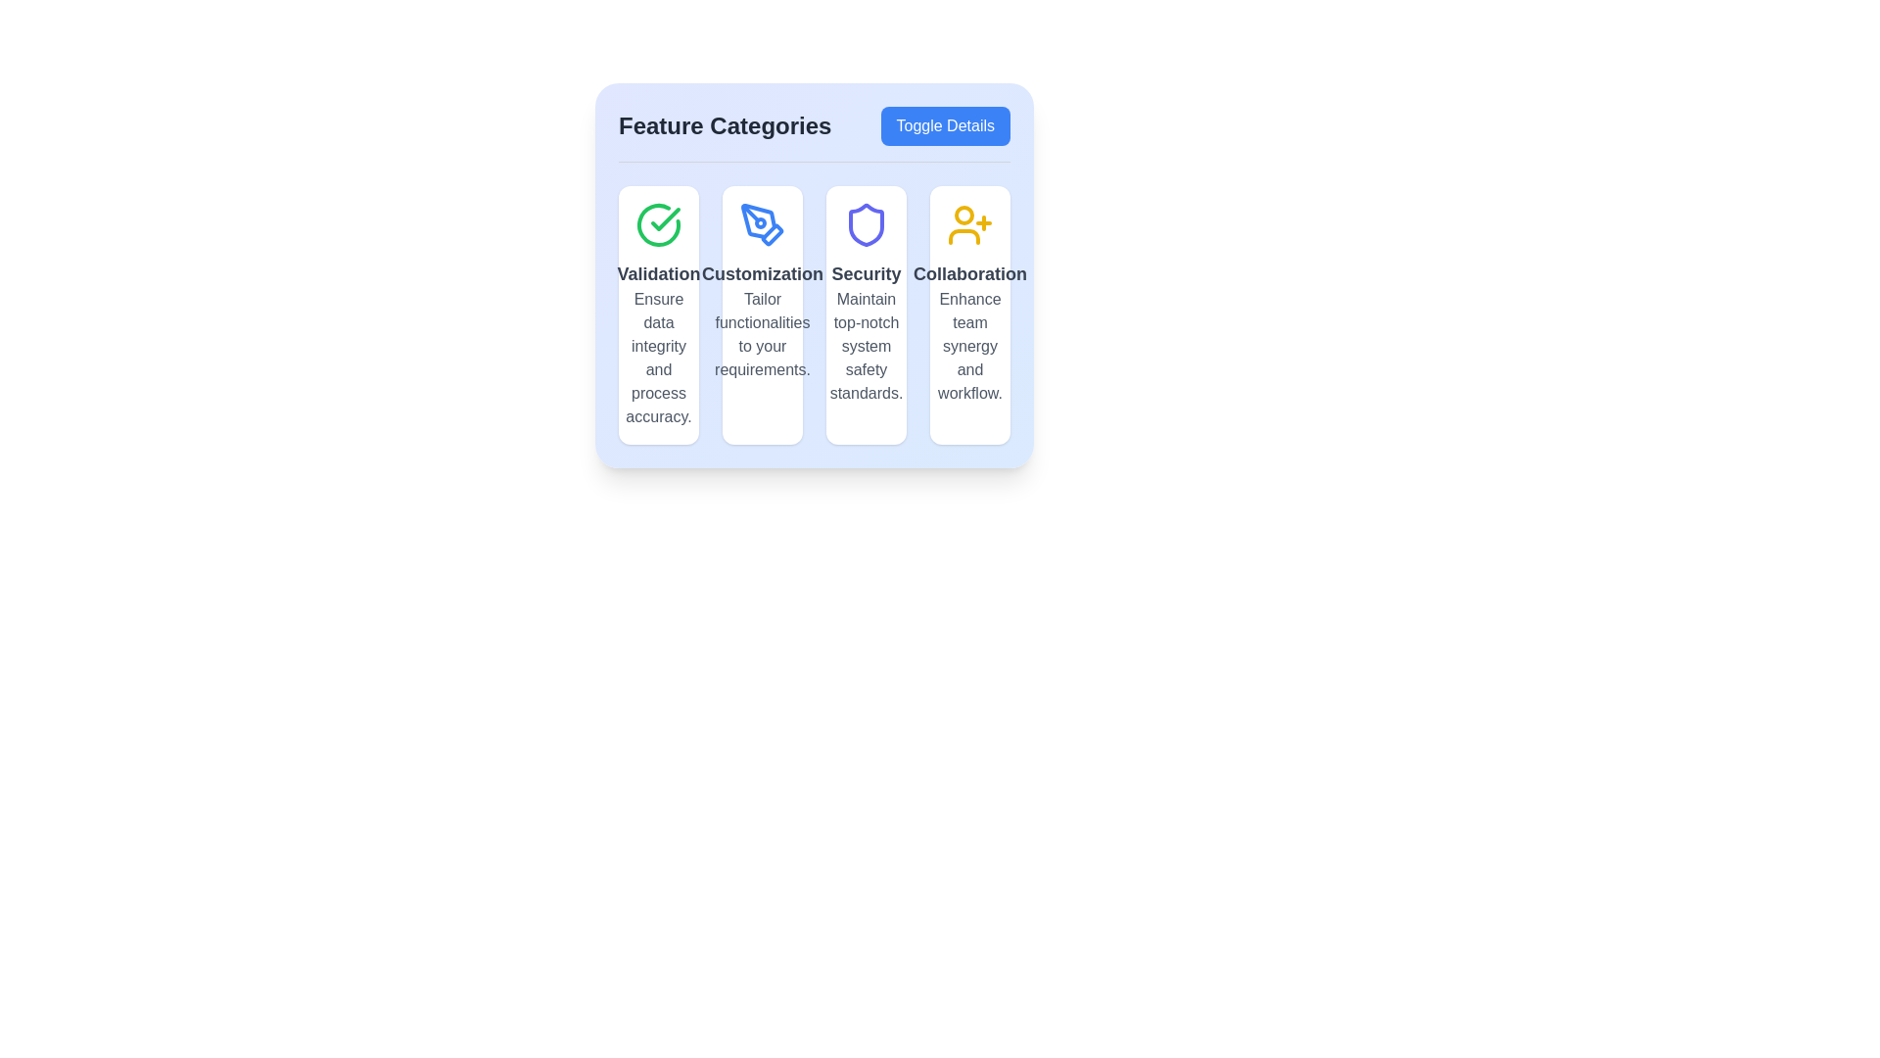 The width and height of the screenshot is (1880, 1058). I want to click on the circular icon with a green outline and a checkmark in the center, located in the 'Validation' category box at the top-left corner of the grid layout, so click(658, 224).